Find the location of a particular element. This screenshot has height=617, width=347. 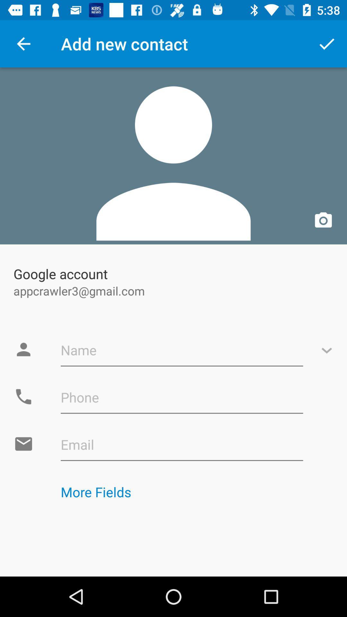

the app next to add new contact item is located at coordinates (327, 43).